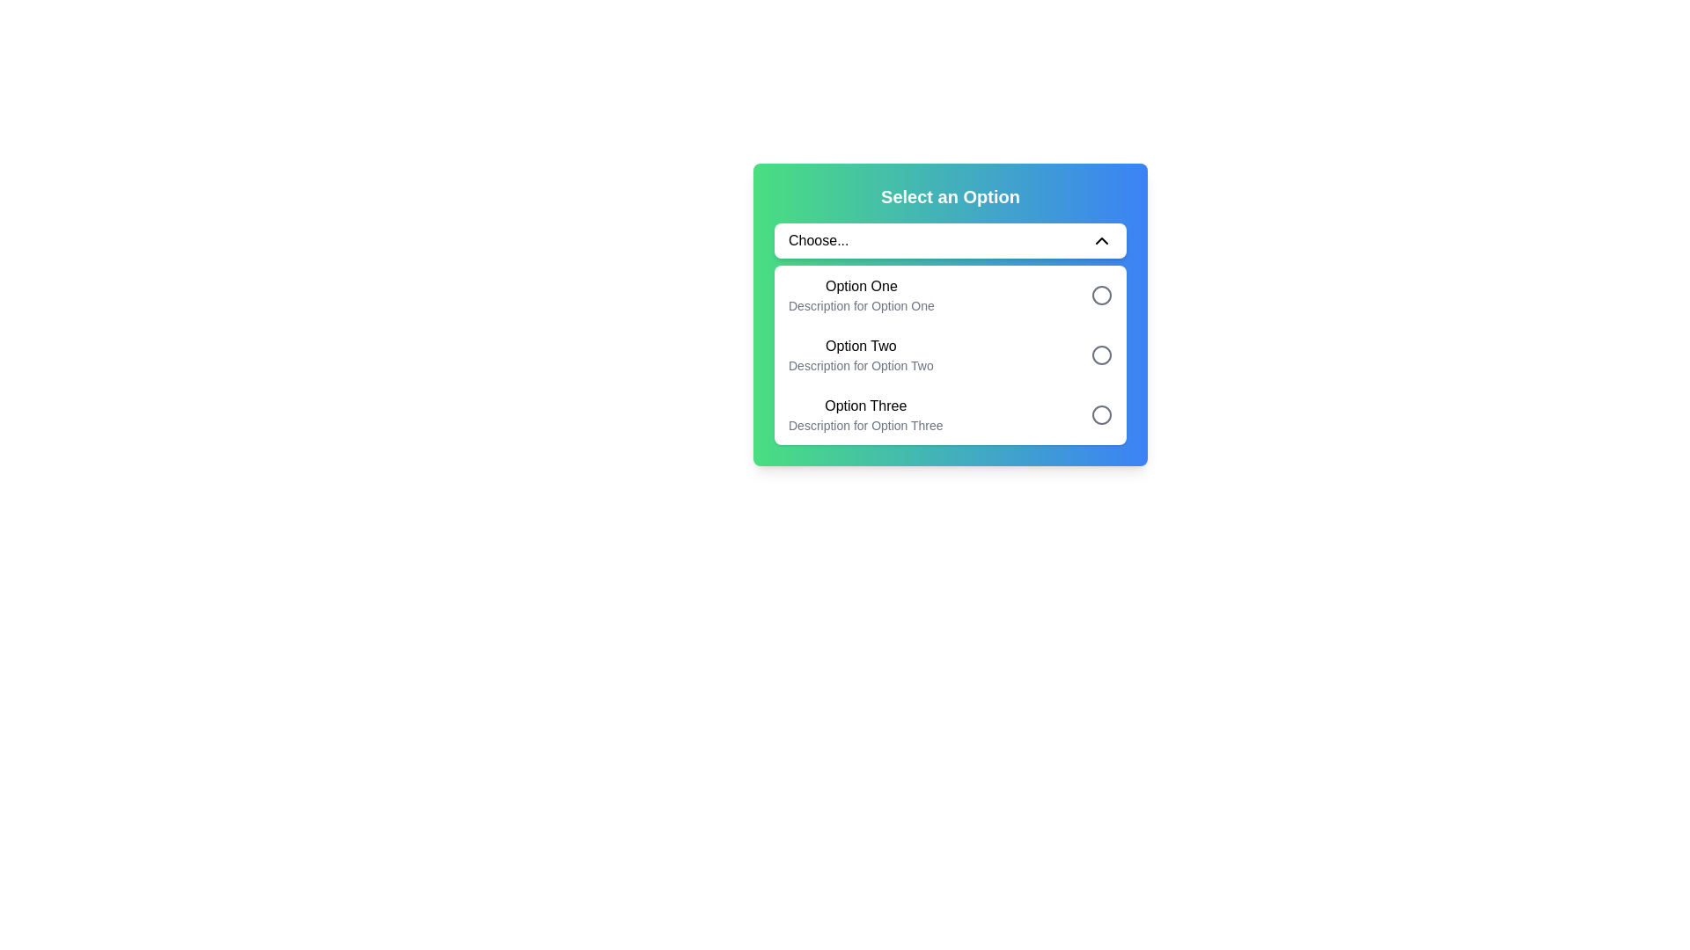 This screenshot has width=1690, height=950. Describe the element at coordinates (1101, 414) in the screenshot. I see `the rightmost radio button for 'Option Three' in the dropdown list` at that location.